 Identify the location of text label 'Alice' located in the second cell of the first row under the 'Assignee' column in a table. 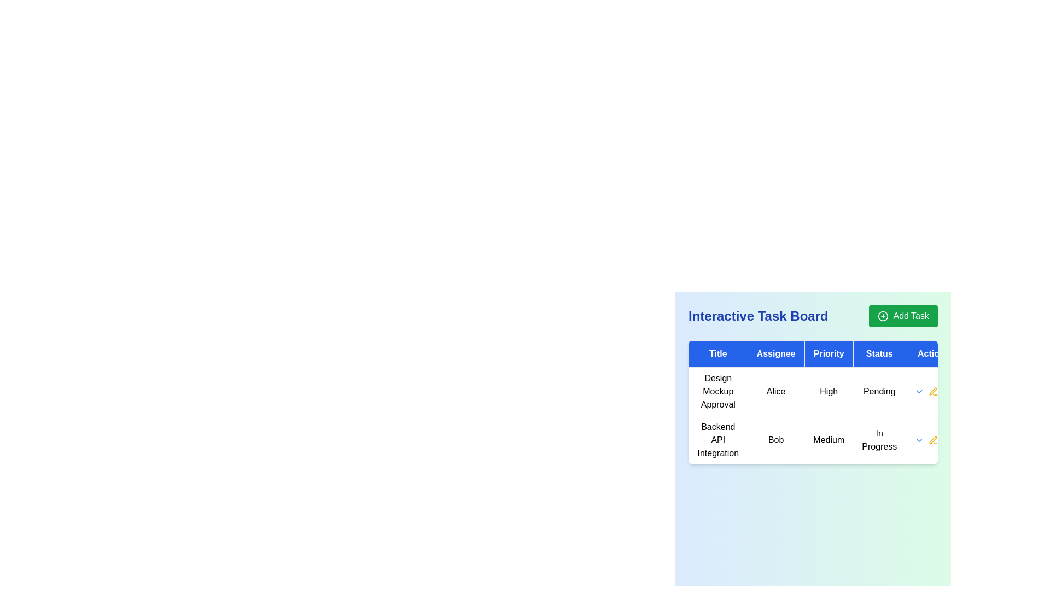
(775, 391).